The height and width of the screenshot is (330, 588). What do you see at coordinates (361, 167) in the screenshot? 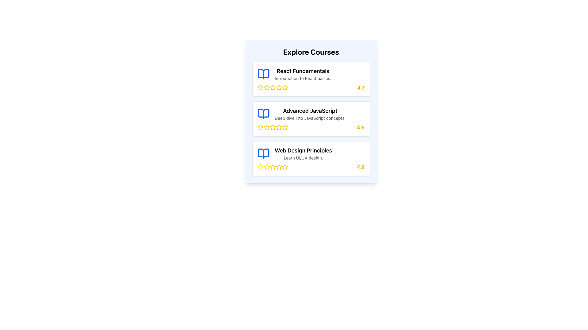
I see `the numeric rating indicator for the 'Web Design Principles' course, located in the third item of the vertical list of course cards, after the five yellow star icons` at bounding box center [361, 167].